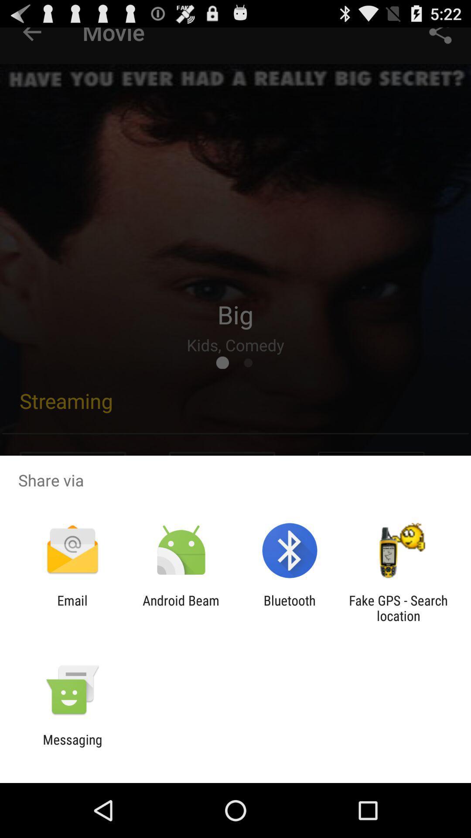  Describe the element at coordinates (72, 747) in the screenshot. I see `messaging` at that location.